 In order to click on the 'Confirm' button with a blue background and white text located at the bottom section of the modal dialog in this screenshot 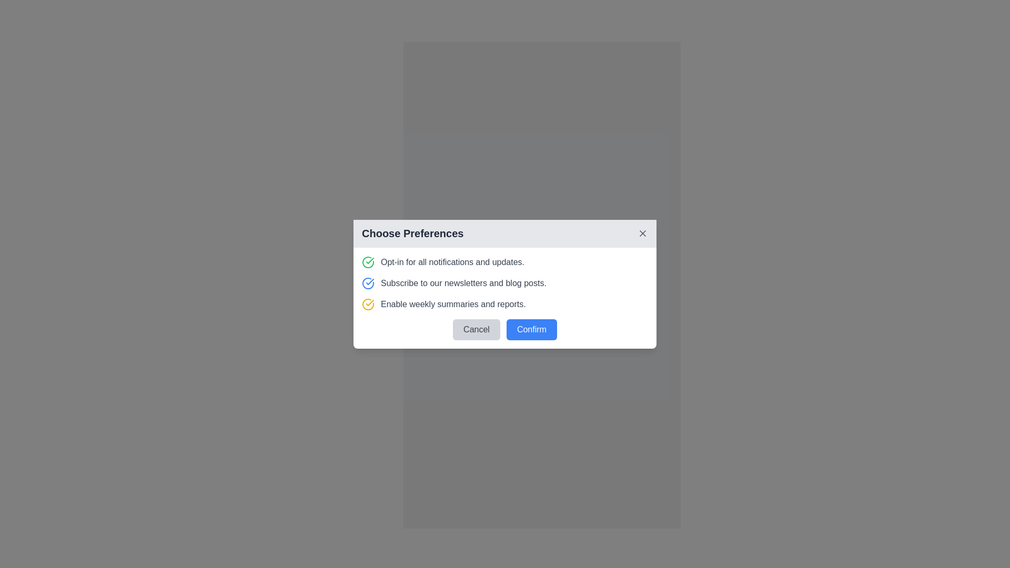, I will do `click(531, 329)`.